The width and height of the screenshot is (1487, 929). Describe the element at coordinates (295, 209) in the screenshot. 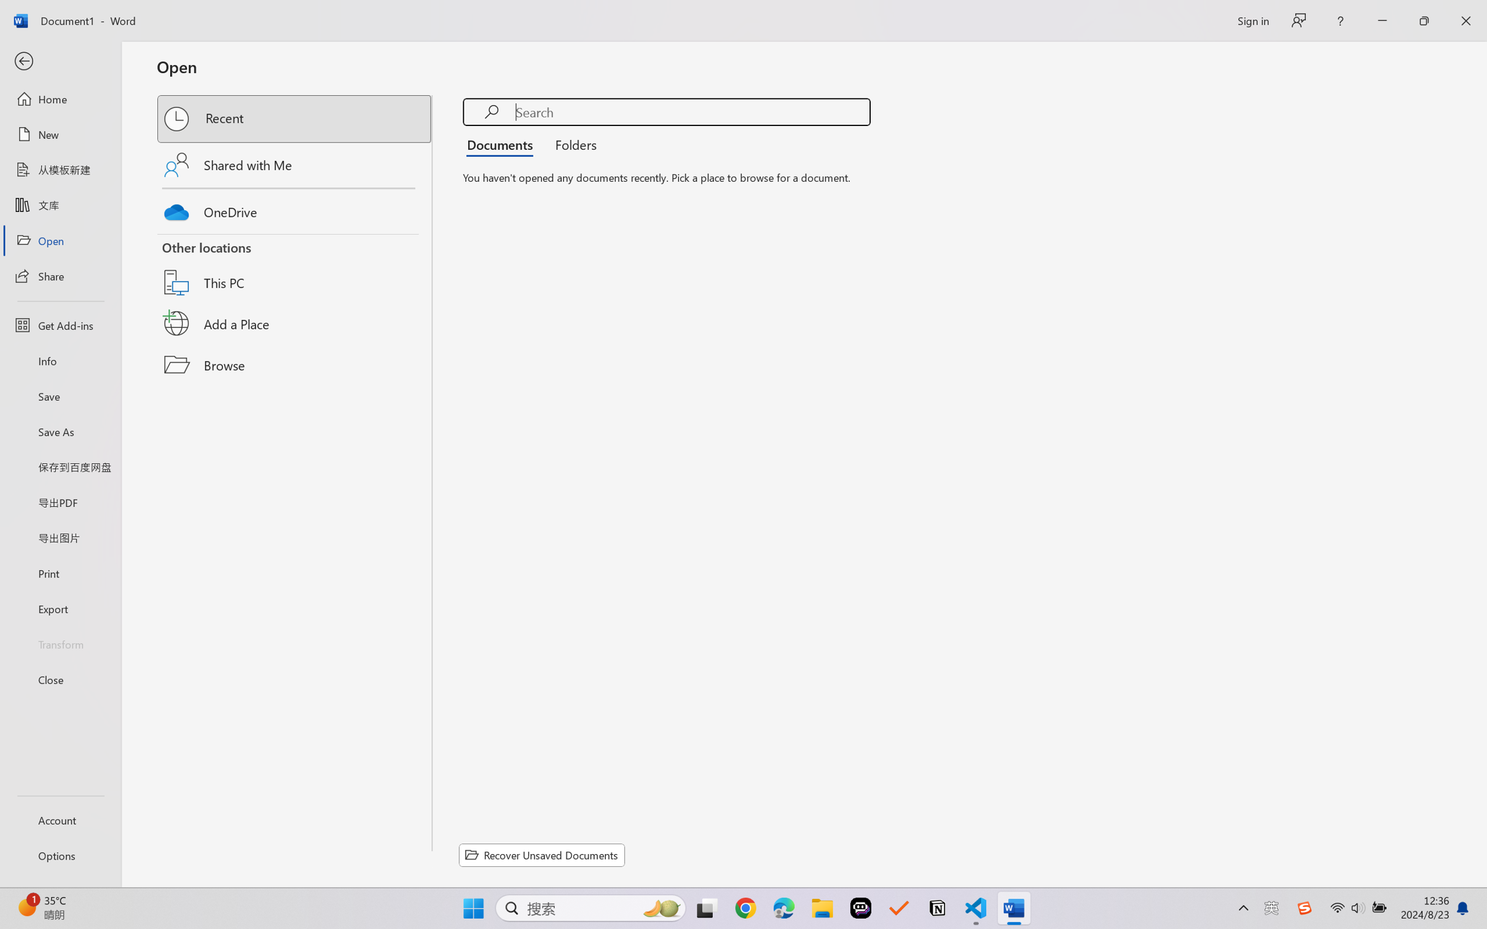

I see `'OneDrive'` at that location.